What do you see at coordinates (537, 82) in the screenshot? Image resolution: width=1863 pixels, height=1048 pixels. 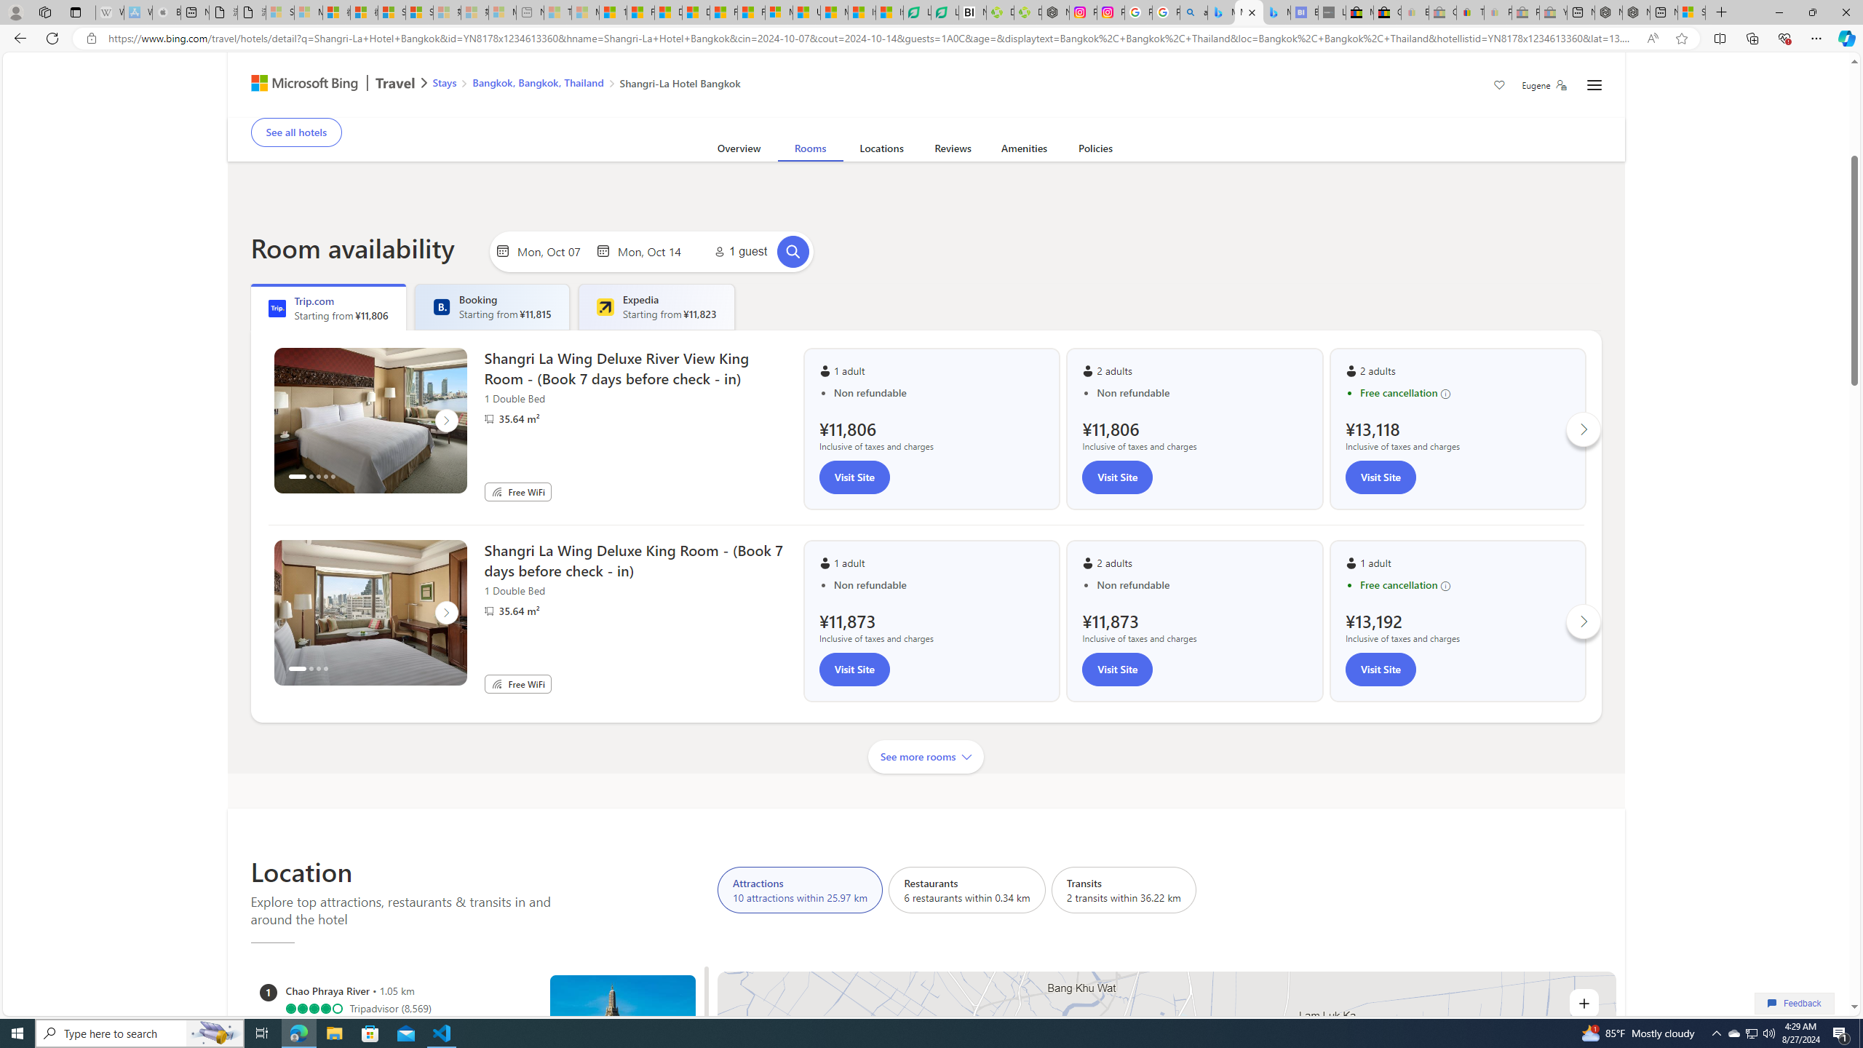 I see `'Bangkok, Bangkok, Thailand'` at bounding box center [537, 82].